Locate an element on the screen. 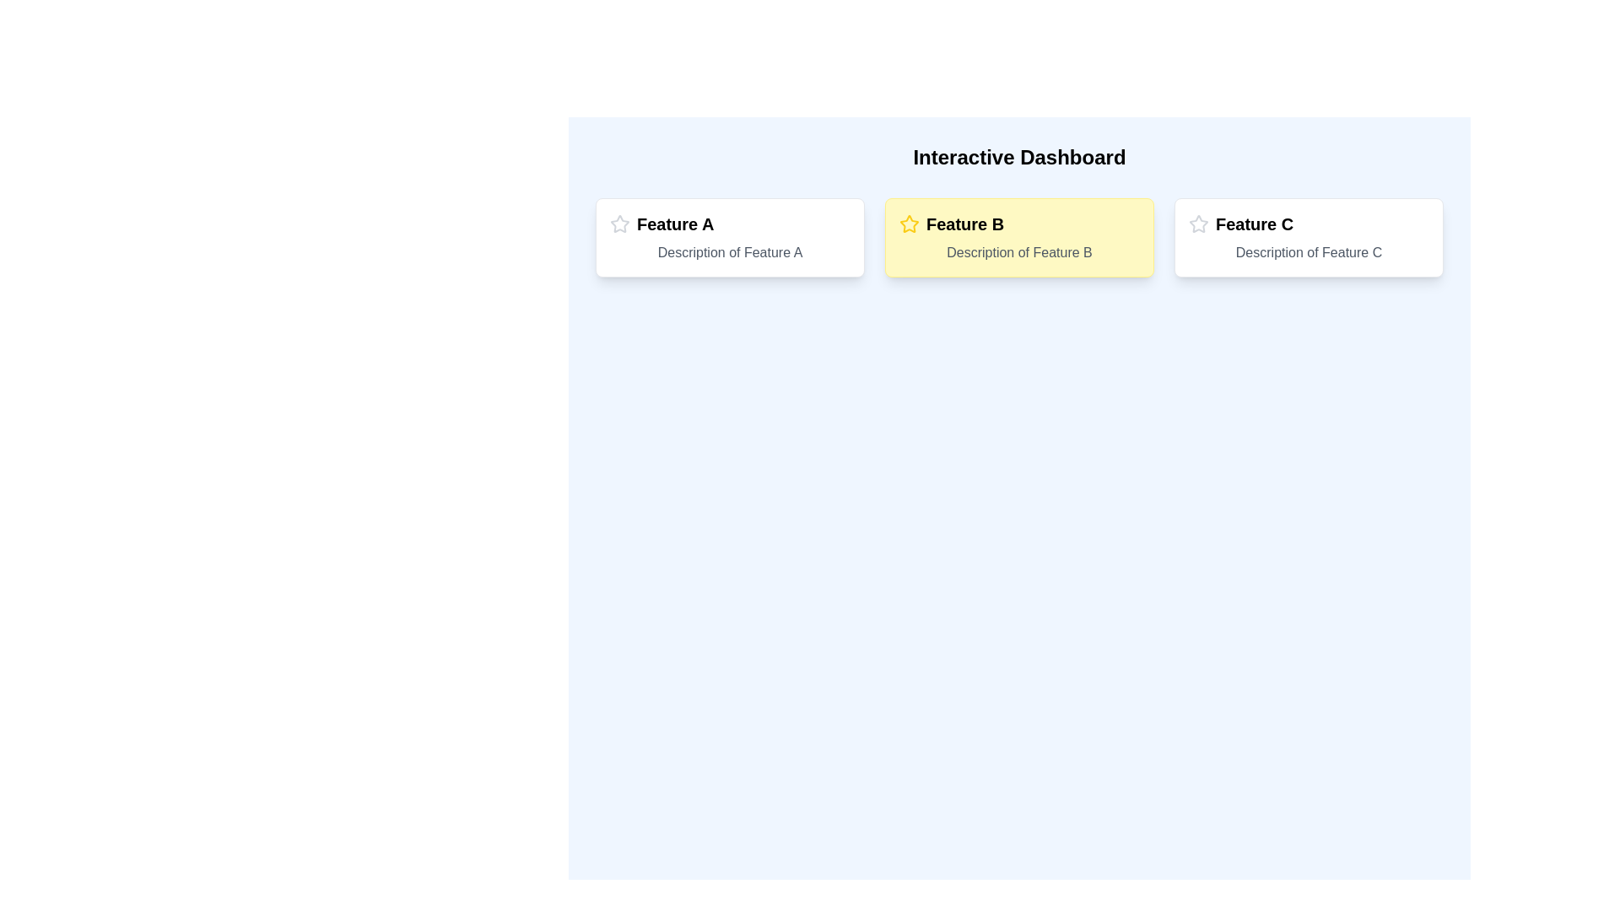  the icon located to the immediate left of the text 'Feature A' in the 'Feature A' section, which suggests its significance or interactivity is located at coordinates (618, 224).